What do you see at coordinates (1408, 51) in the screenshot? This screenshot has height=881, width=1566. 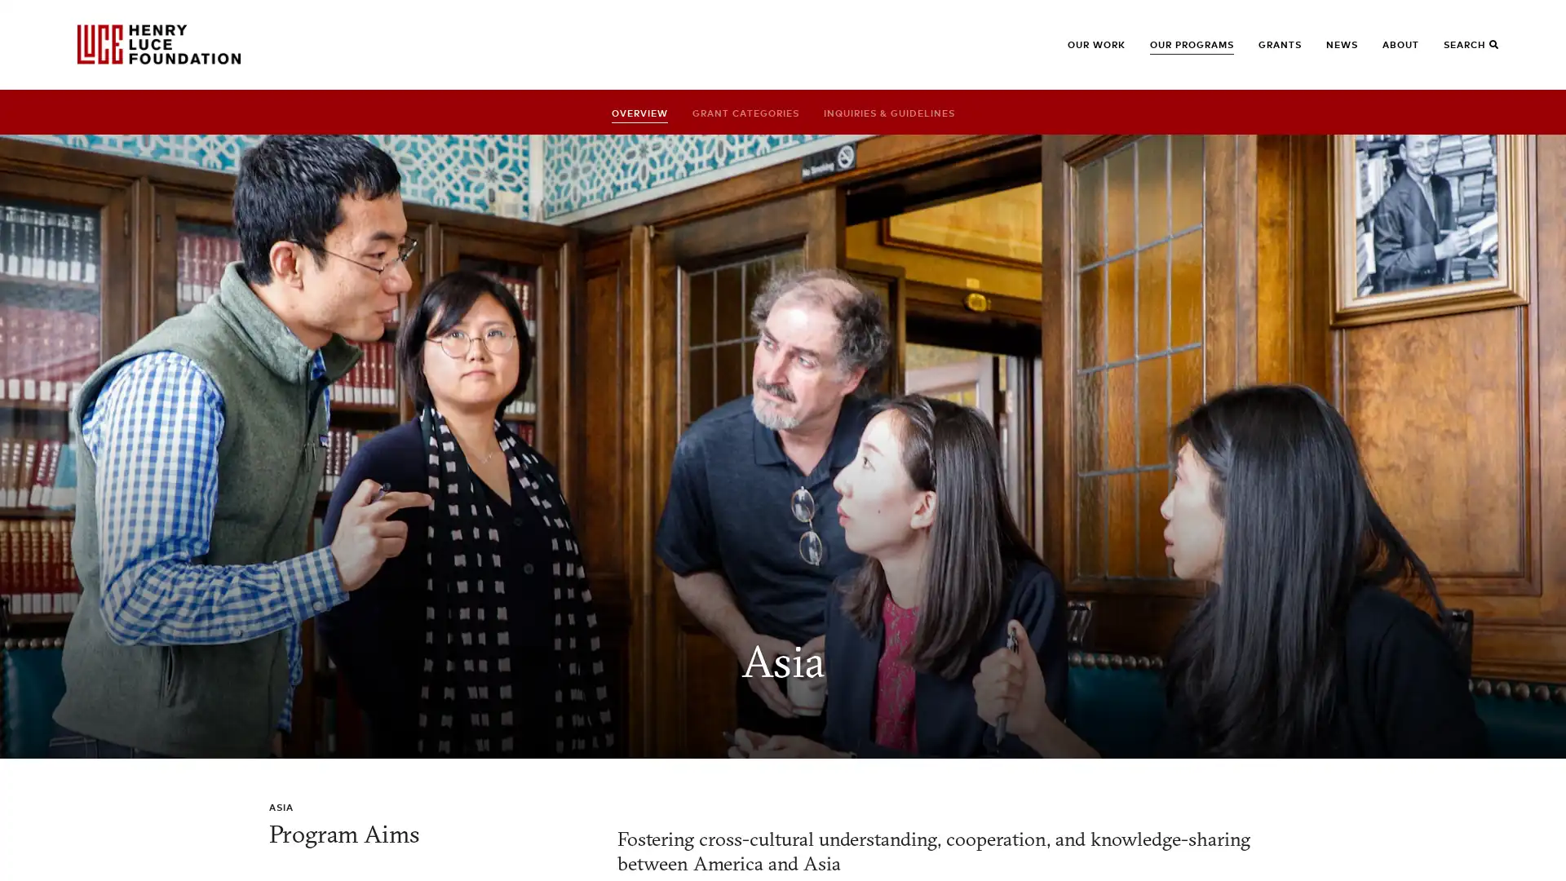 I see `SHOW SUBMENU FOR ABOUT` at bounding box center [1408, 51].